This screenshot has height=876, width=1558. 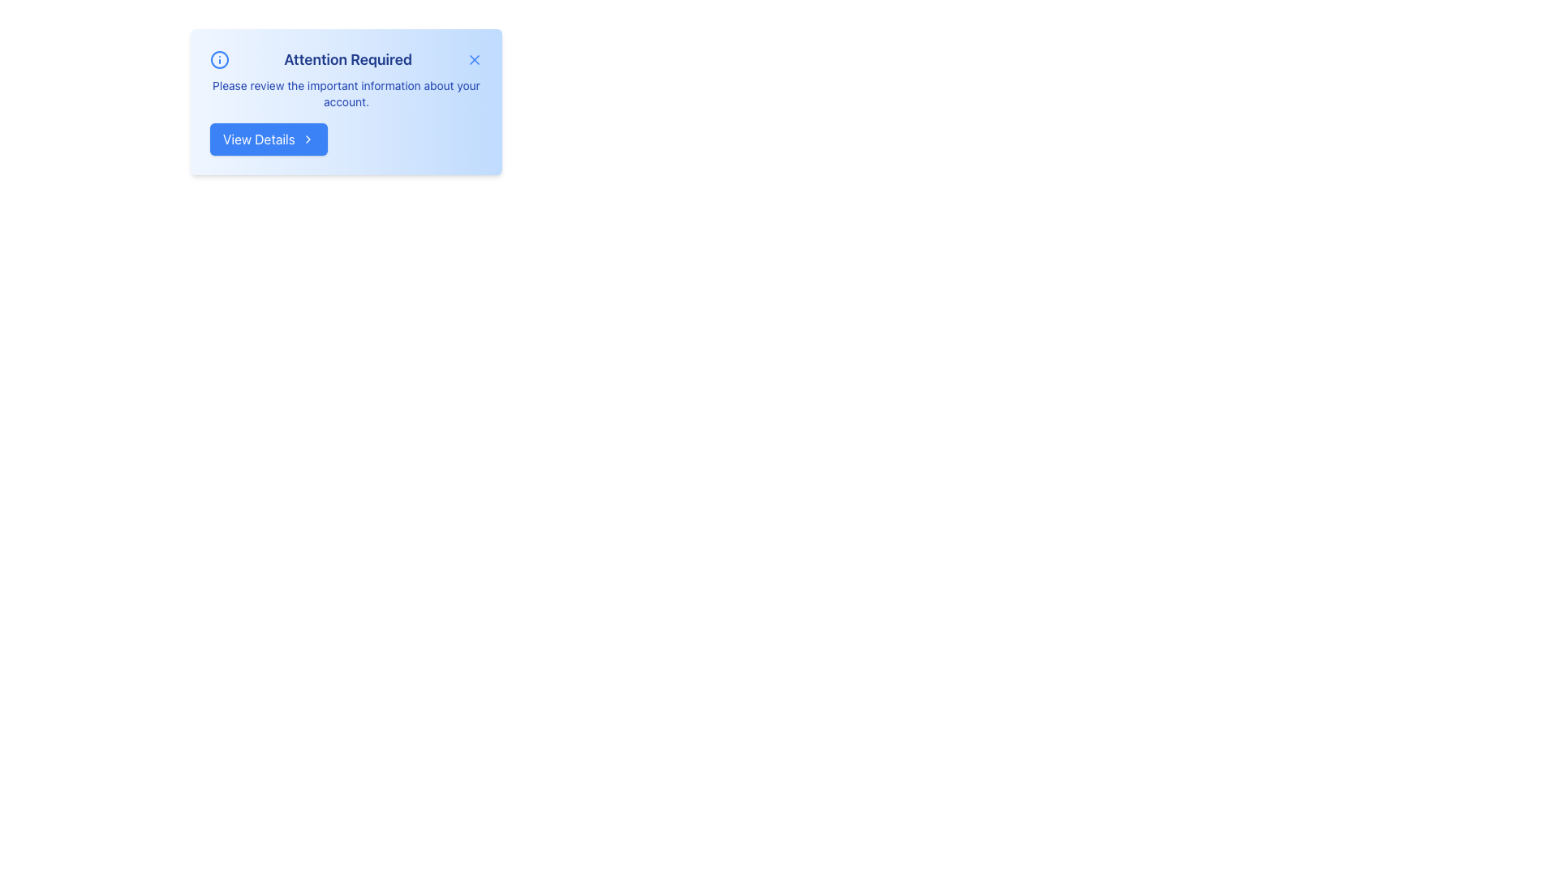 I want to click on the 'View Details' text label button, so click(x=258, y=139).